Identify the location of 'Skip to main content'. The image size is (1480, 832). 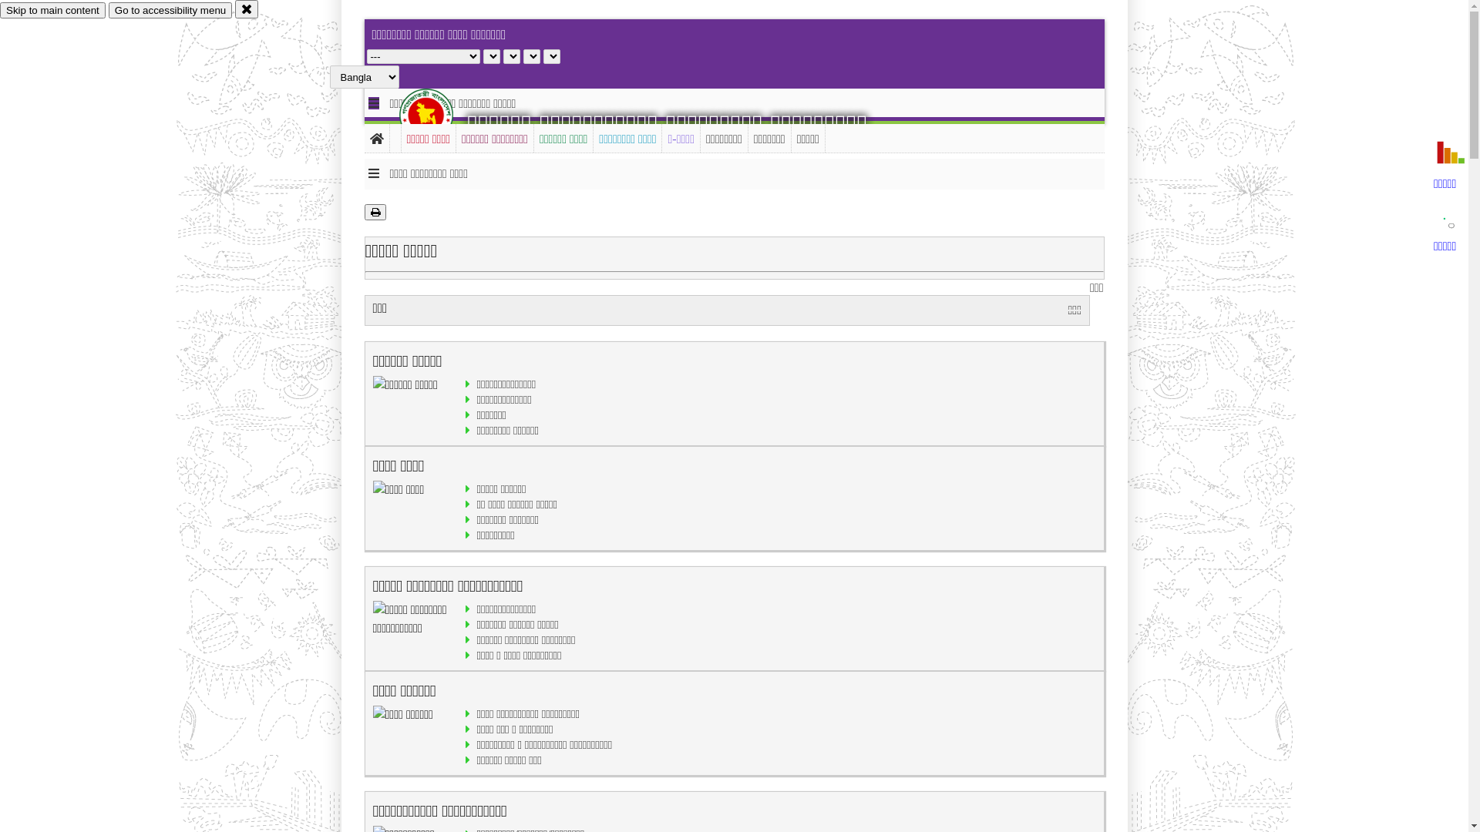
(52, 10).